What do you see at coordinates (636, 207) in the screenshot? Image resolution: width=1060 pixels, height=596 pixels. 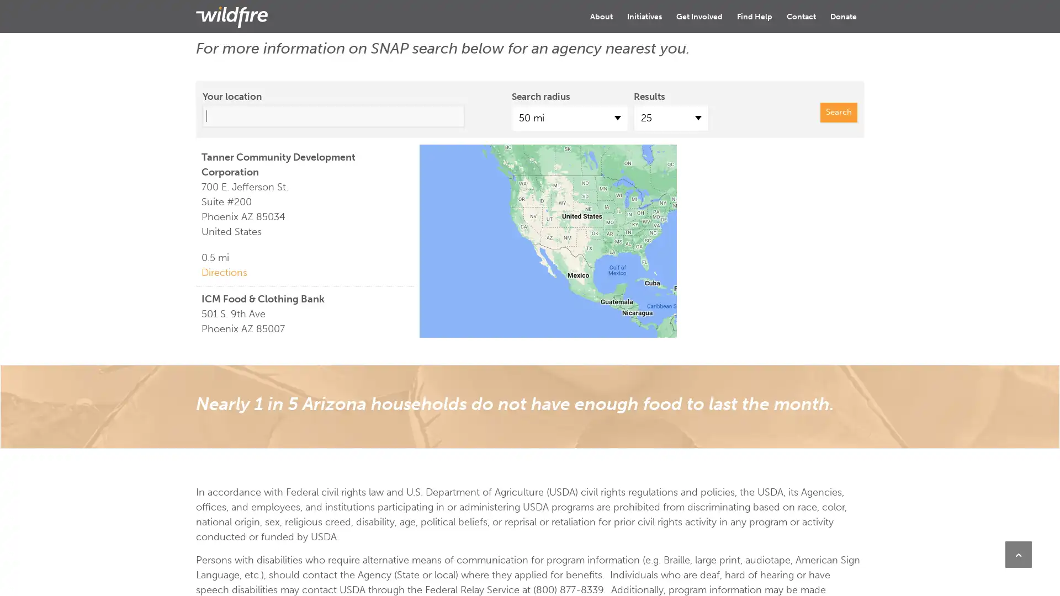 I see `Phoenix Indian Center` at bounding box center [636, 207].